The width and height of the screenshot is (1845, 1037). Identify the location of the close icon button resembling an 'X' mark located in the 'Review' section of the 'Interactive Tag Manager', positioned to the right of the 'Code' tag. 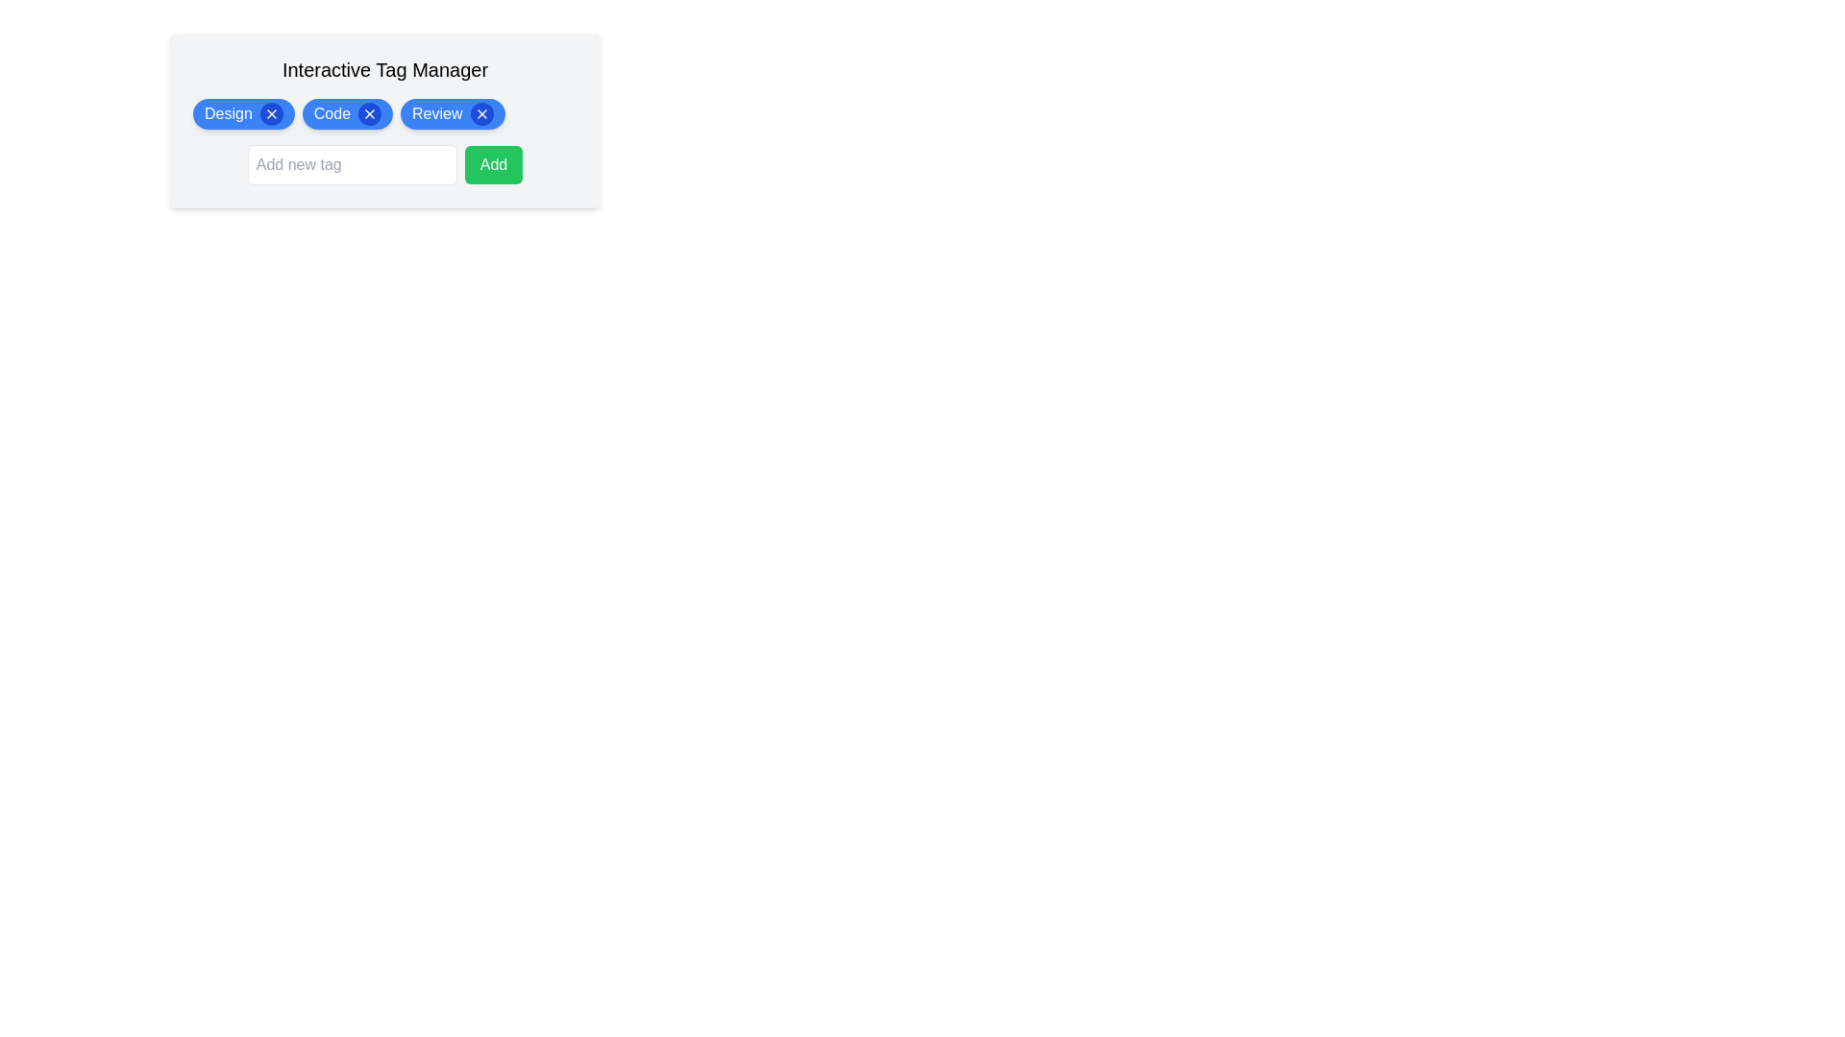
(481, 114).